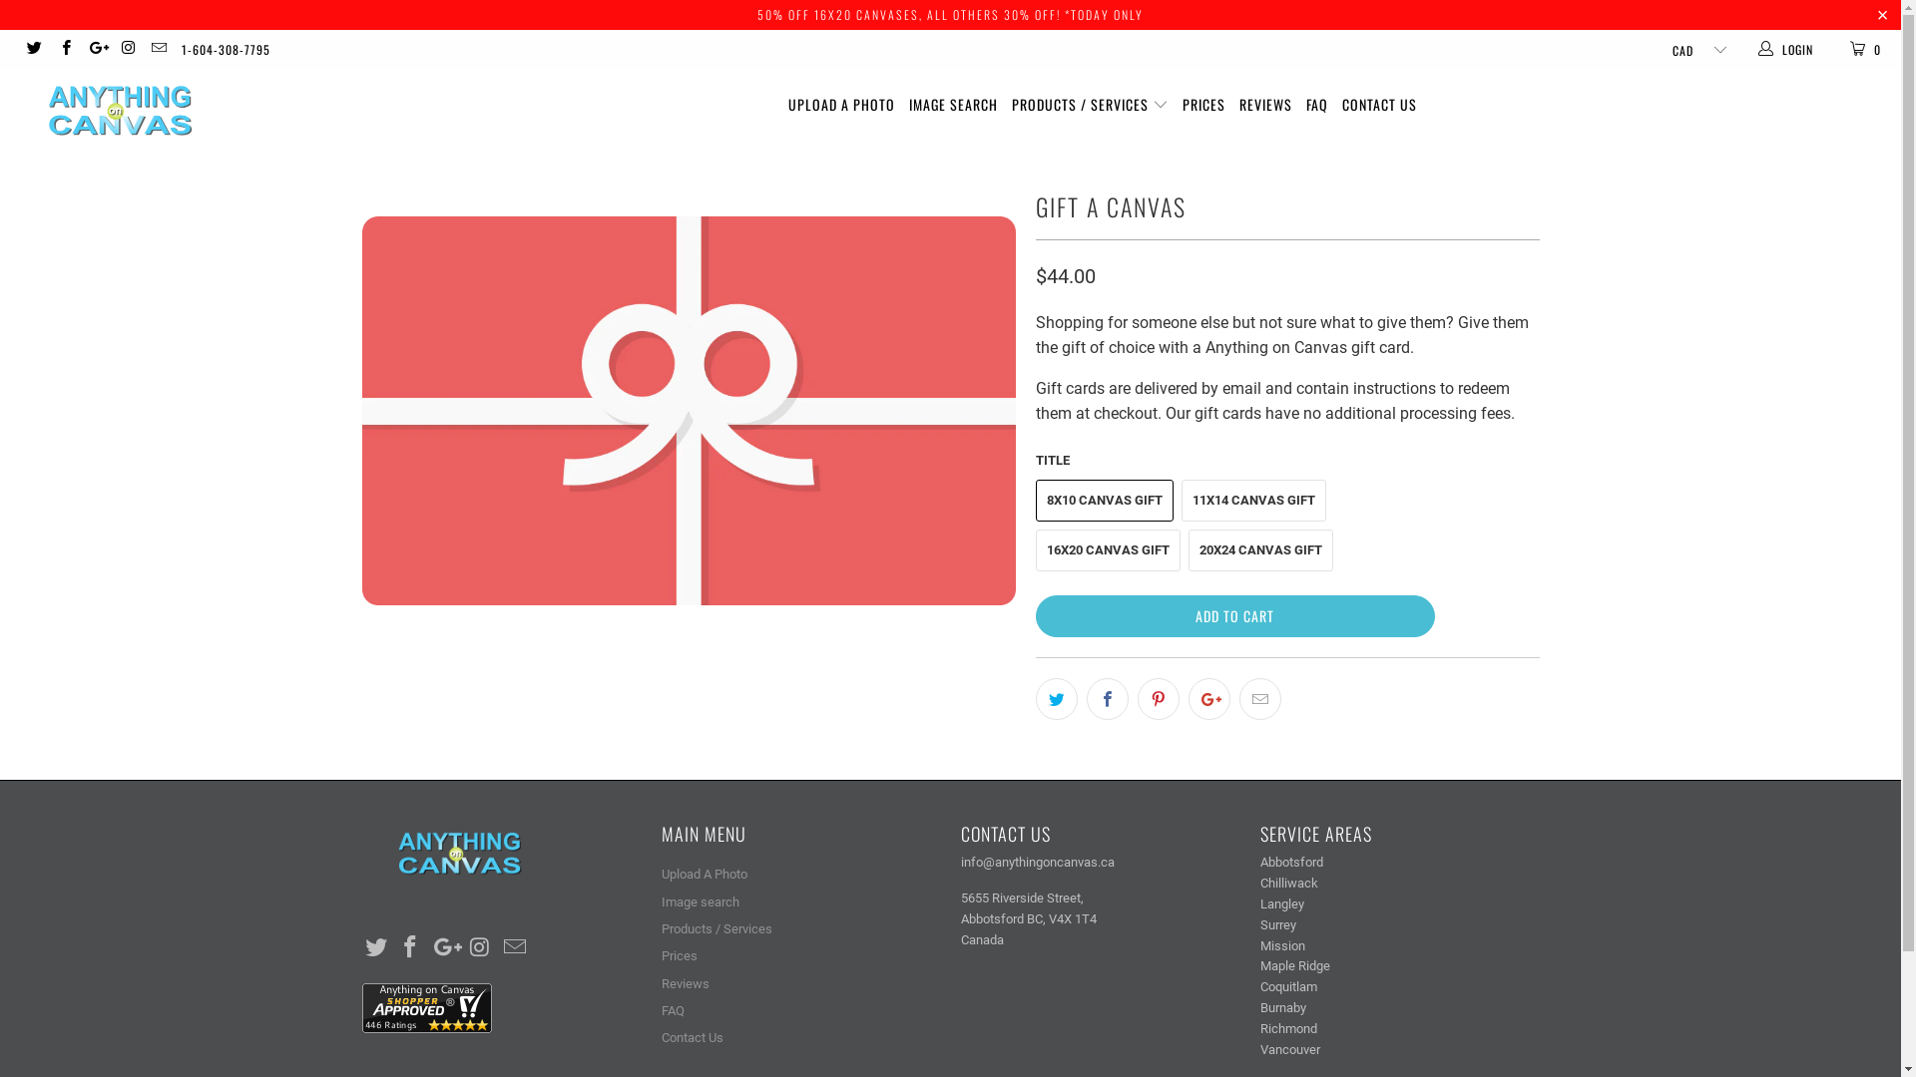 Image resolution: width=1916 pixels, height=1077 pixels. Describe the element at coordinates (95, 49) in the screenshot. I see `'Anything on Canvas on Google+'` at that location.